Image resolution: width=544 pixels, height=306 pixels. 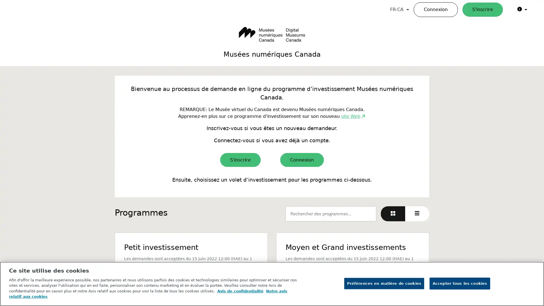 I want to click on S'inscrire, so click(x=240, y=160).